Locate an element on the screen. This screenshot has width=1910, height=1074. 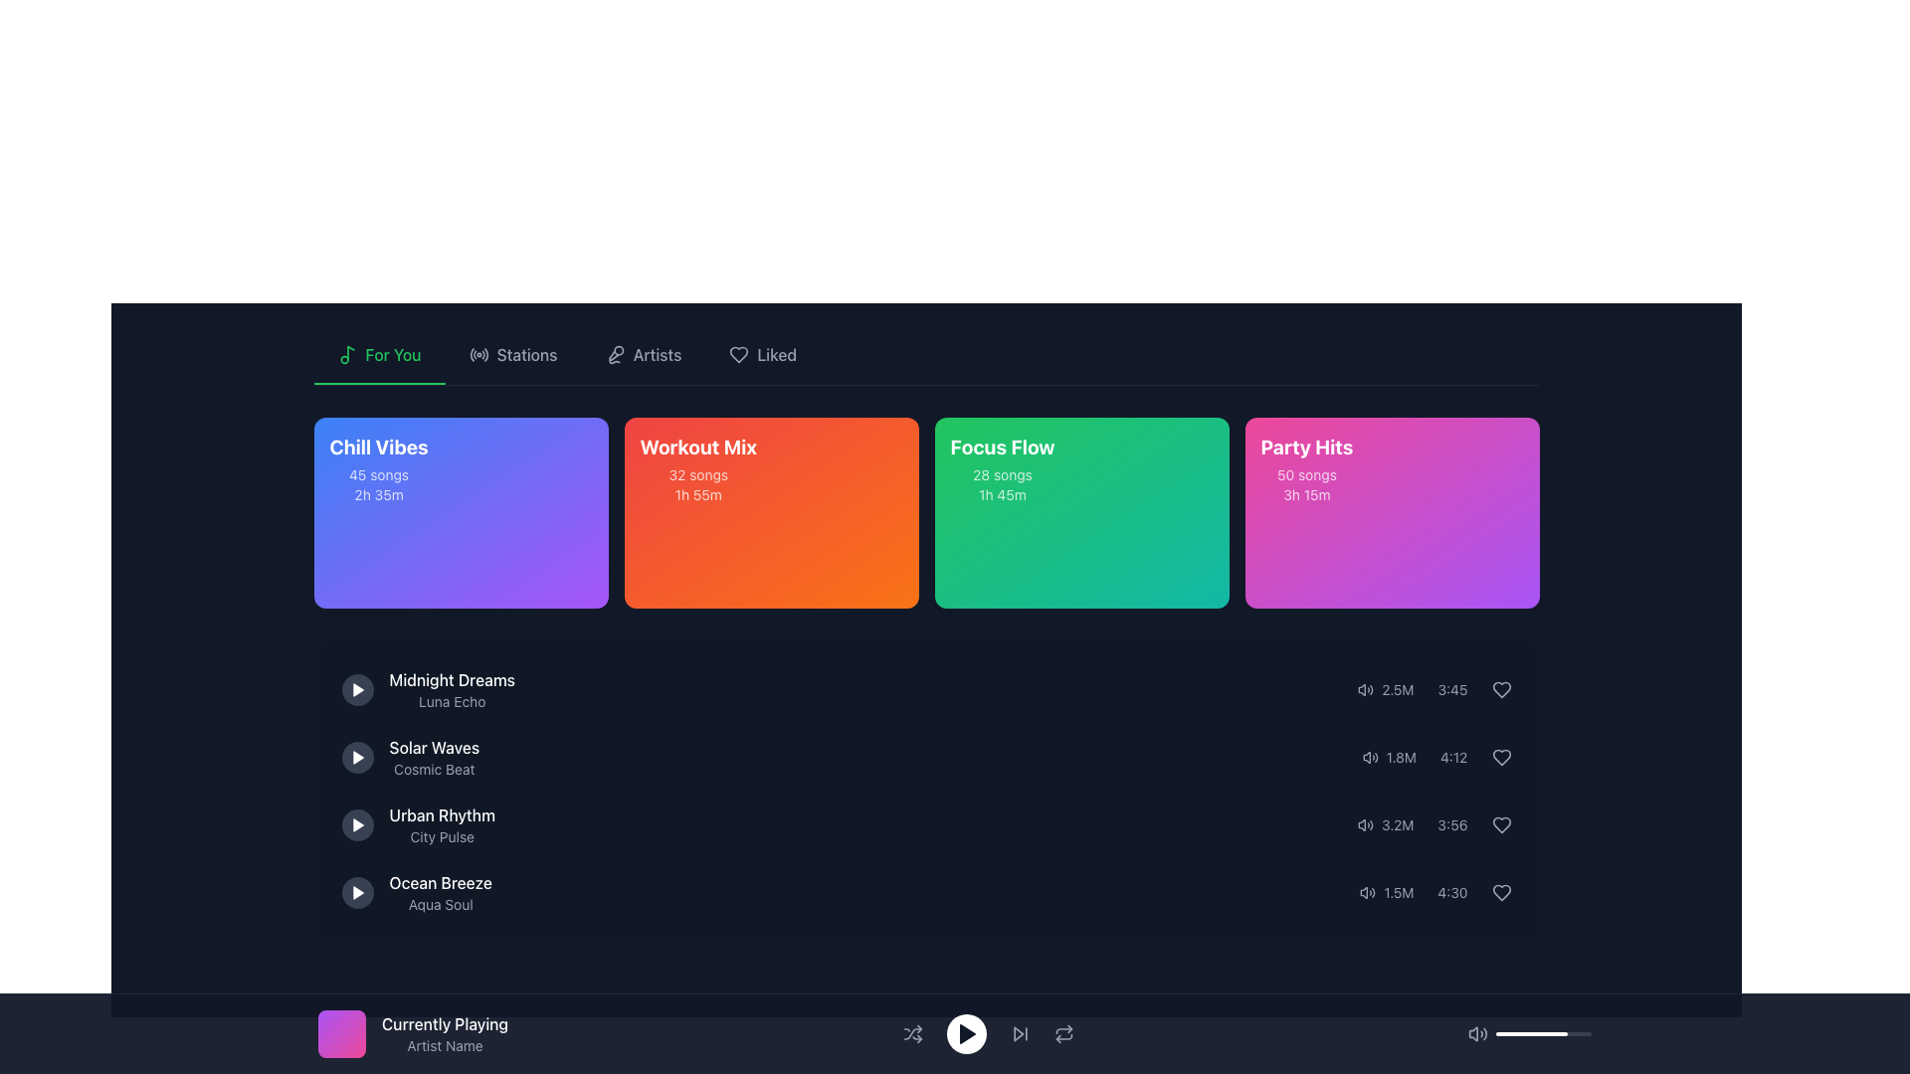
the text label displaying '2h 35m', which is located below '45 songs' in the 'Chill Vibes' card is located at coordinates (379, 493).